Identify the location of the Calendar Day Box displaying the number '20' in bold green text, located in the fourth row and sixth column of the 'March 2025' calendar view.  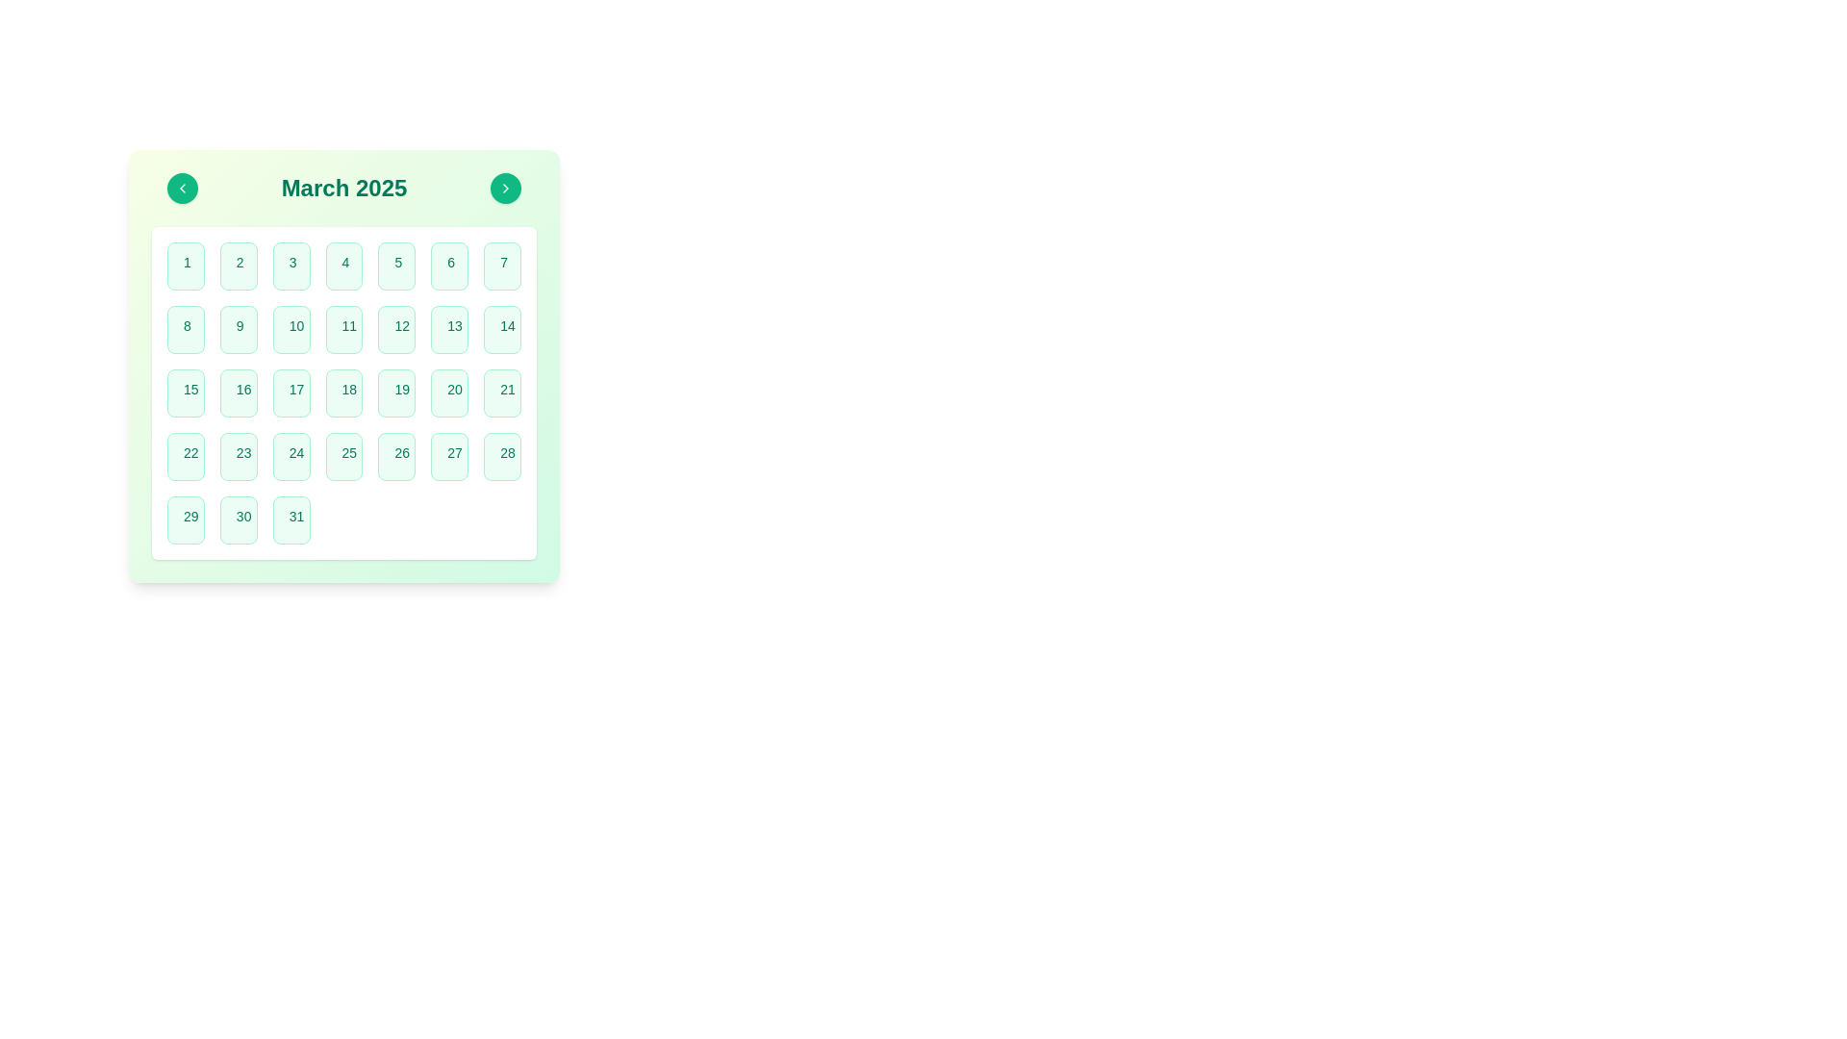
(448, 392).